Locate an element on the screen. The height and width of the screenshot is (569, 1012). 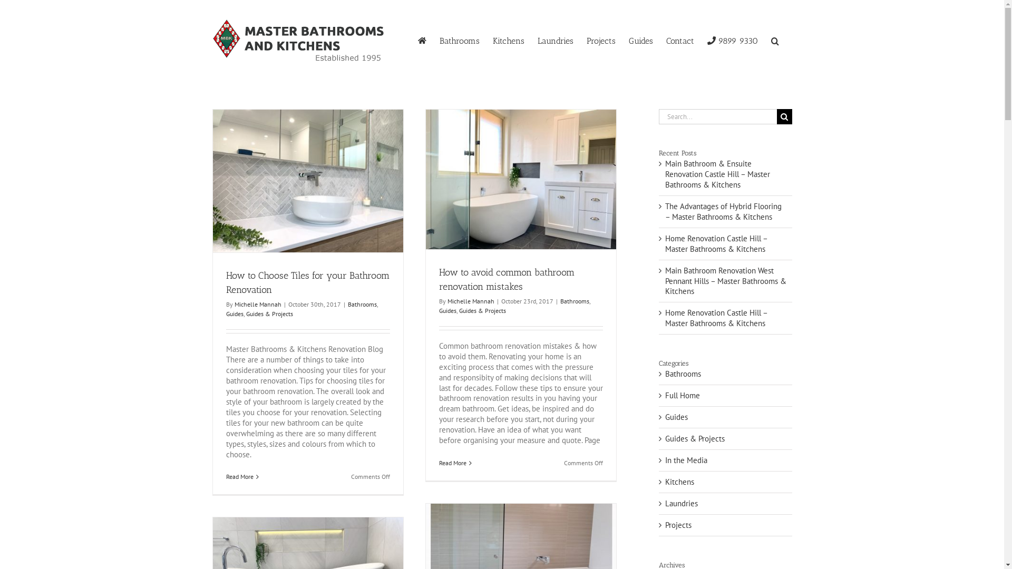
'Projects' is located at coordinates (600, 40).